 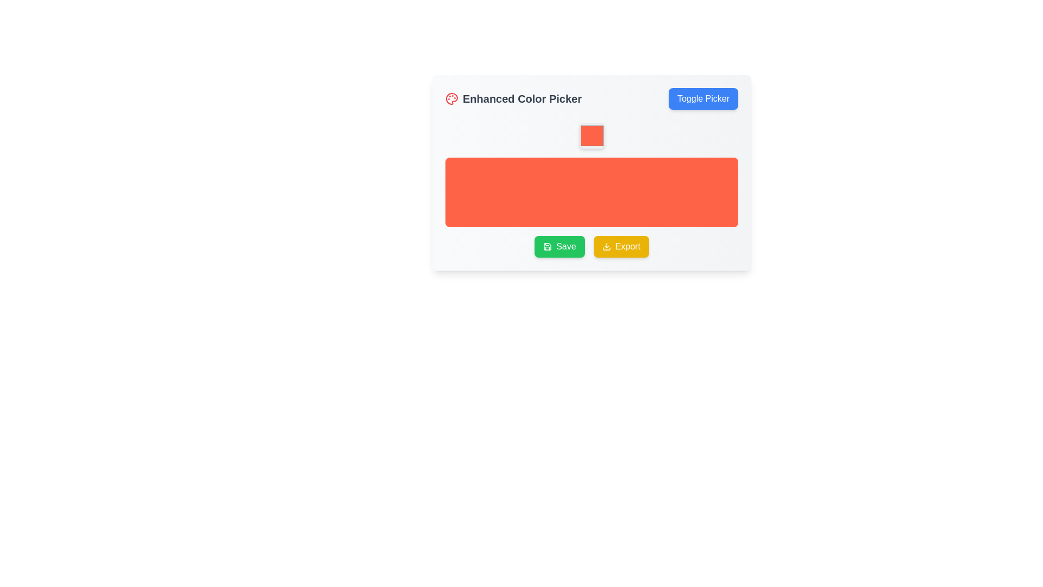 What do you see at coordinates (591, 247) in the screenshot?
I see `the 'Export' button` at bounding box center [591, 247].